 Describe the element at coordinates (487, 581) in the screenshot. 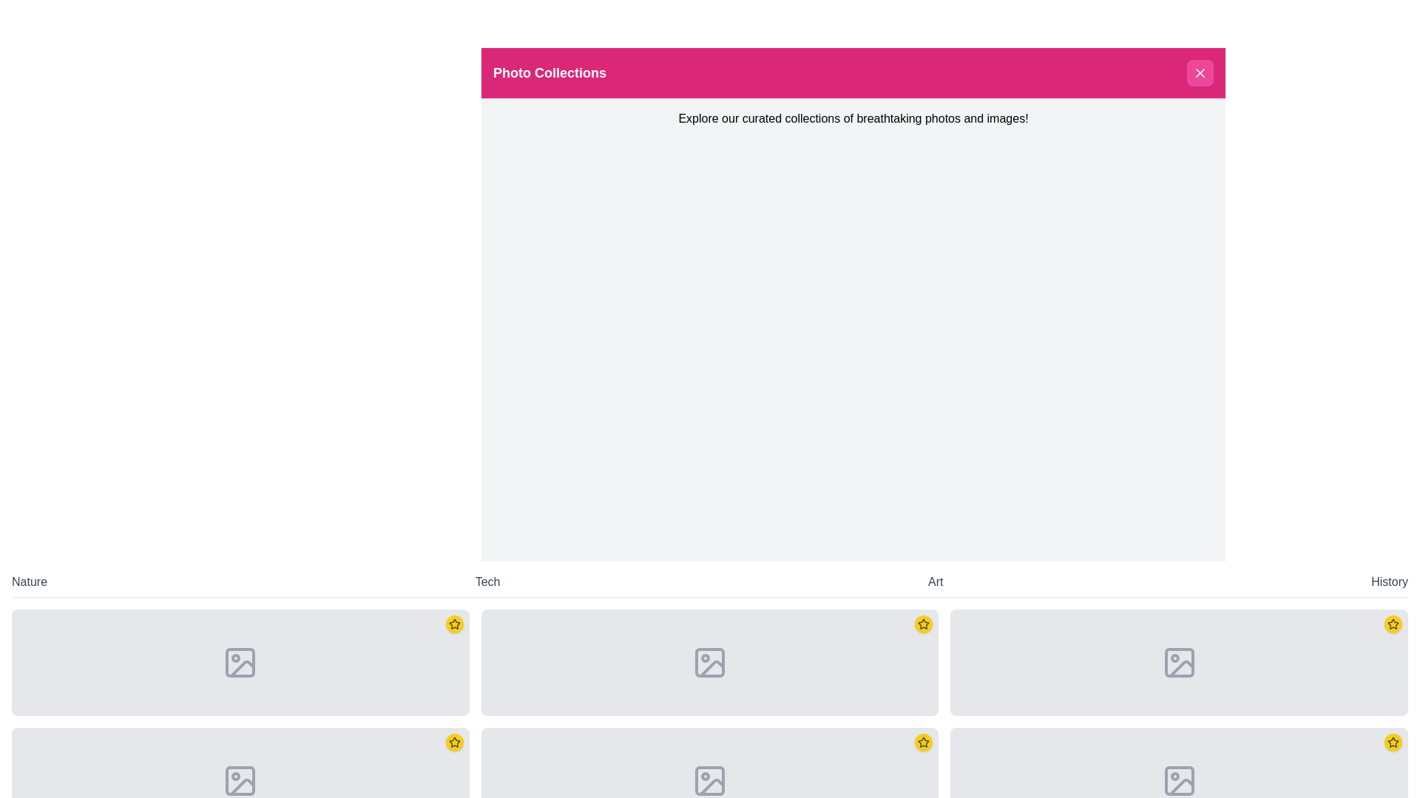

I see `the 'Tech' text label, which is styled in gray and capitalized` at that location.